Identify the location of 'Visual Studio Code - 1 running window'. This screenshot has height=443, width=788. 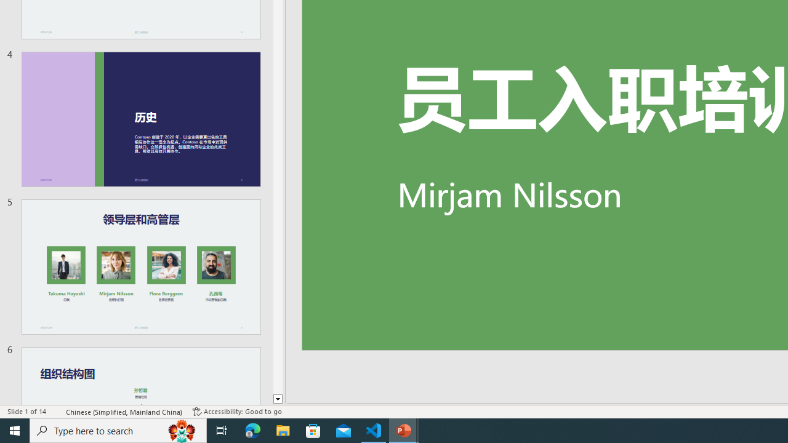
(373, 429).